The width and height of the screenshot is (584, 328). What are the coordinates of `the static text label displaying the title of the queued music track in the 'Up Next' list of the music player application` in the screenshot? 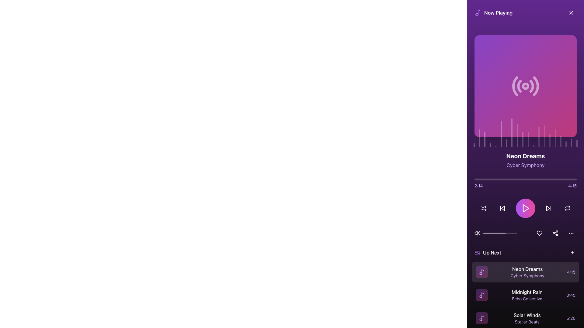 It's located at (527, 269).